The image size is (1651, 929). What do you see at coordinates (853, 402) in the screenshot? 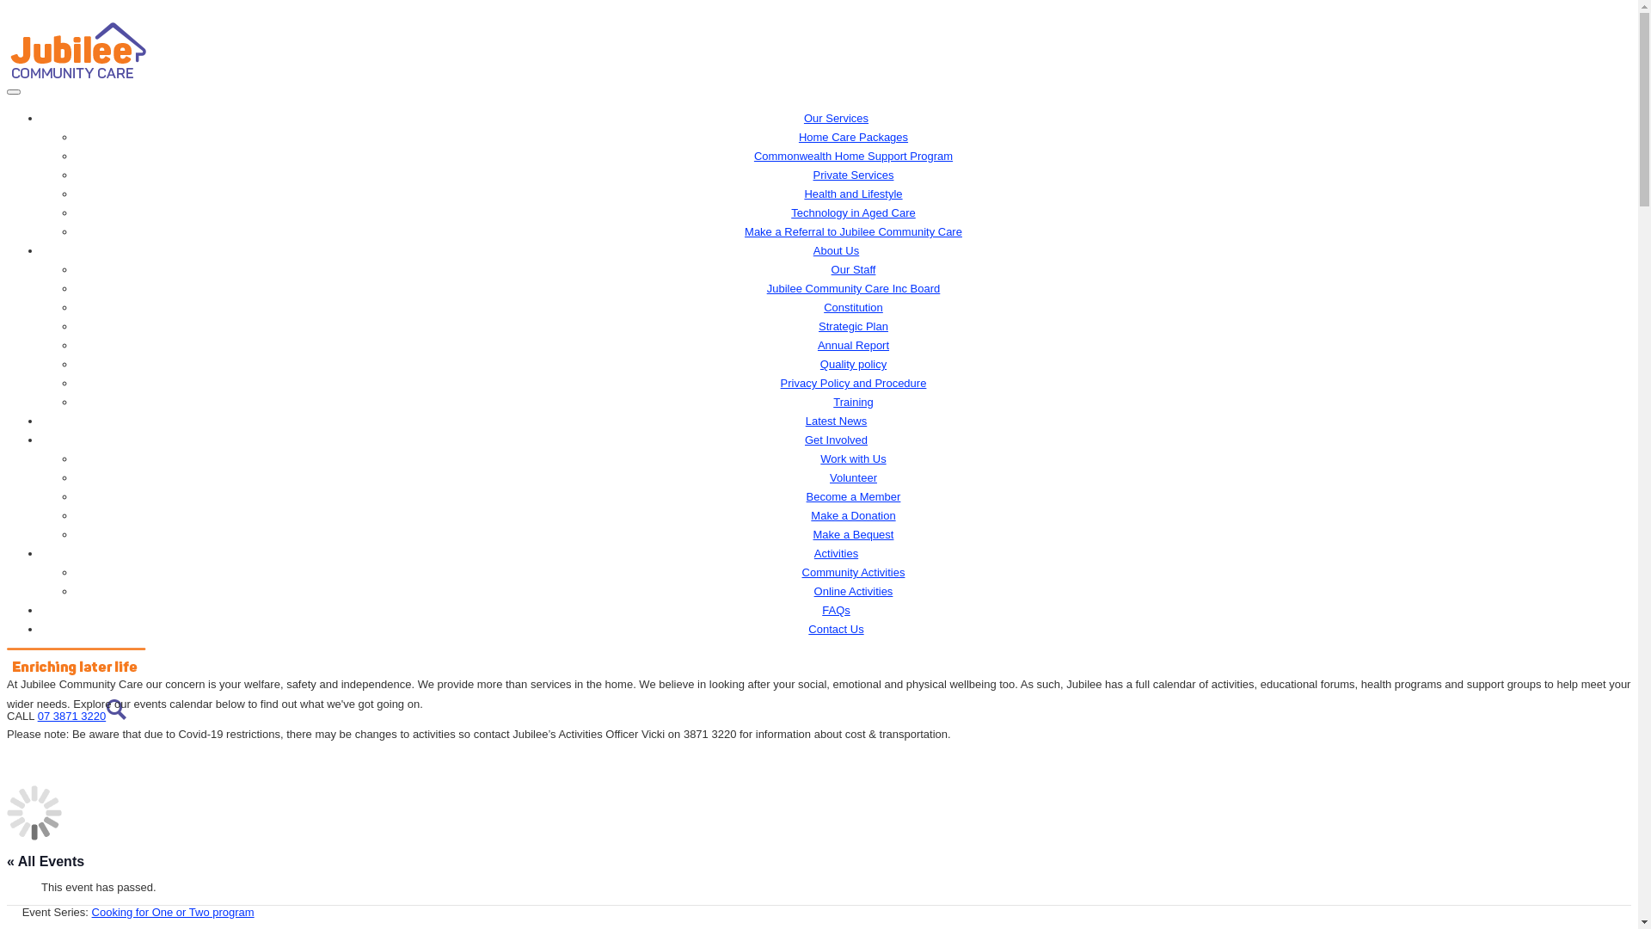
I see `'Training'` at bounding box center [853, 402].